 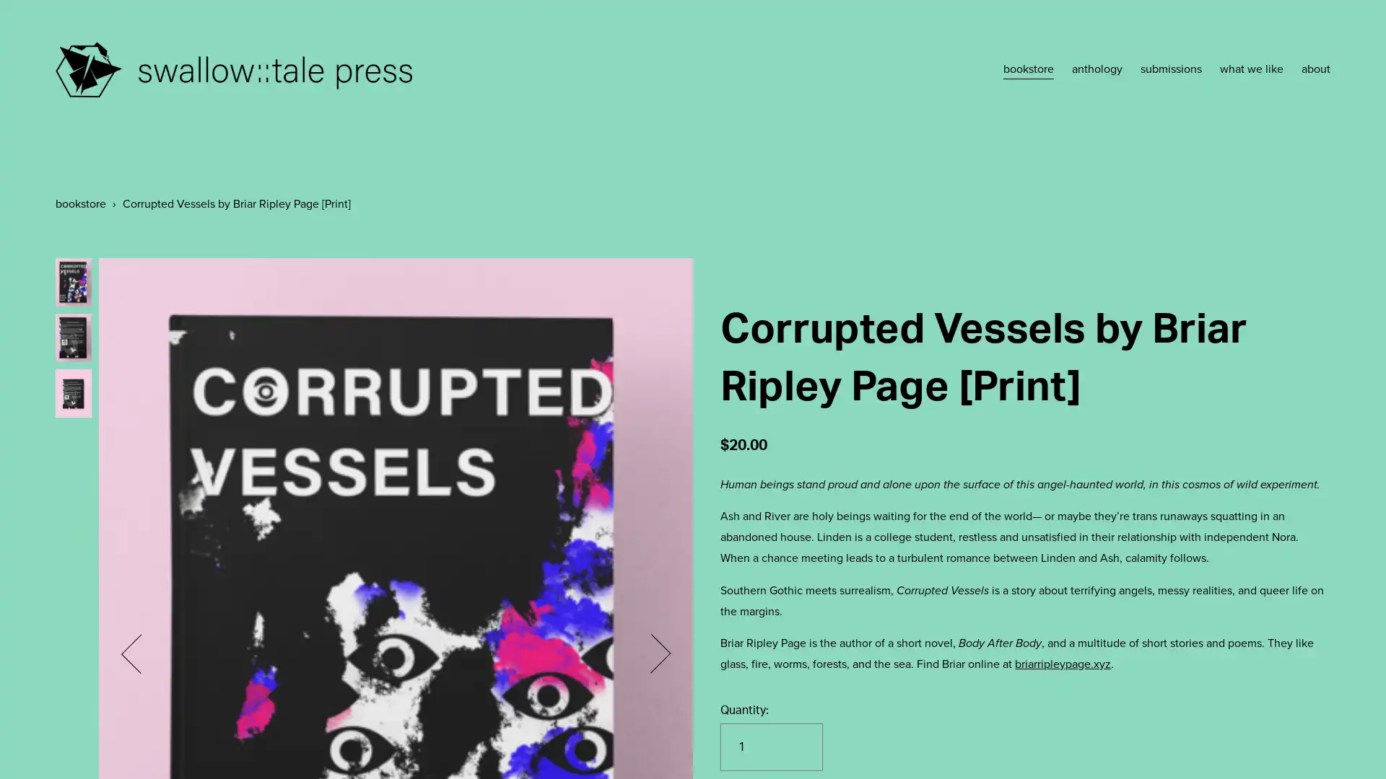 What do you see at coordinates (71, 392) in the screenshot?
I see `Image 3 of 3` at bounding box center [71, 392].